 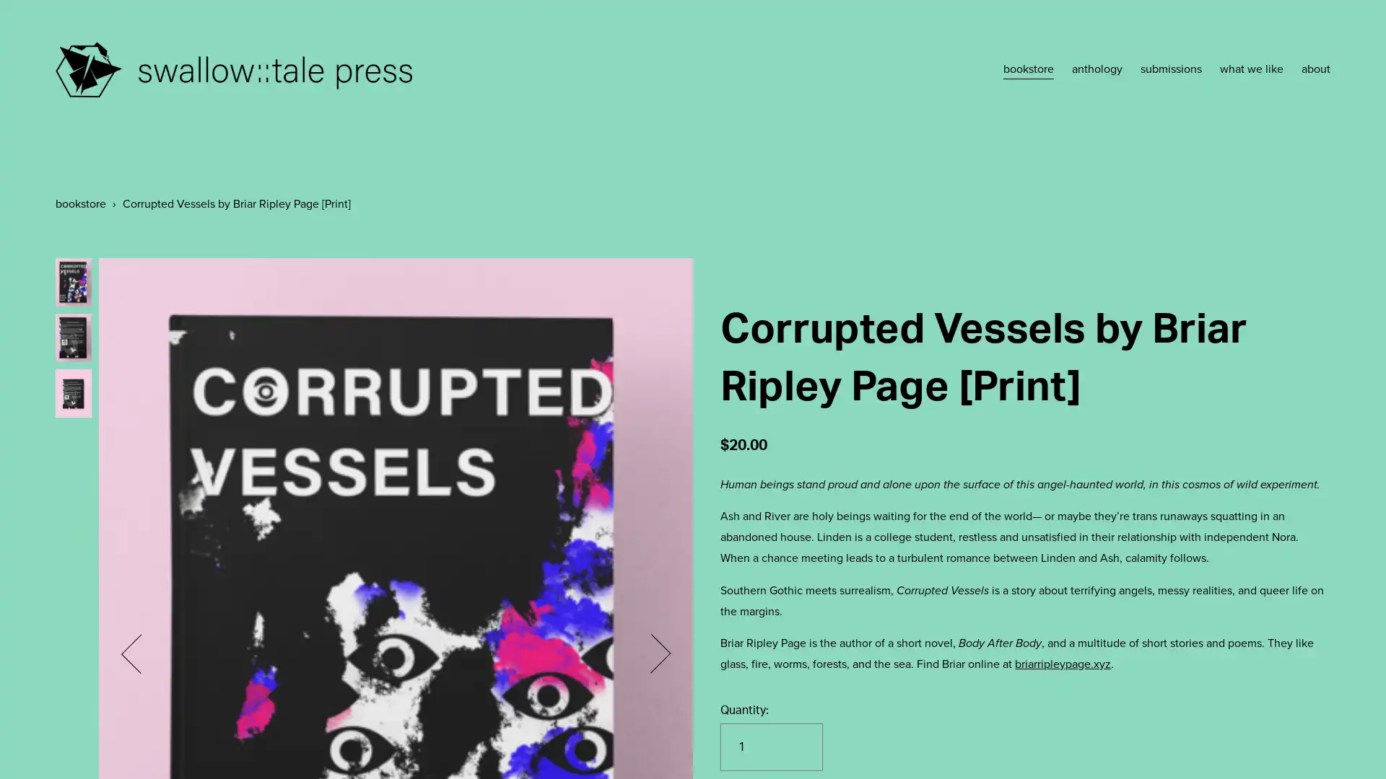 What do you see at coordinates (71, 392) in the screenshot?
I see `Image 3 of 3` at bounding box center [71, 392].